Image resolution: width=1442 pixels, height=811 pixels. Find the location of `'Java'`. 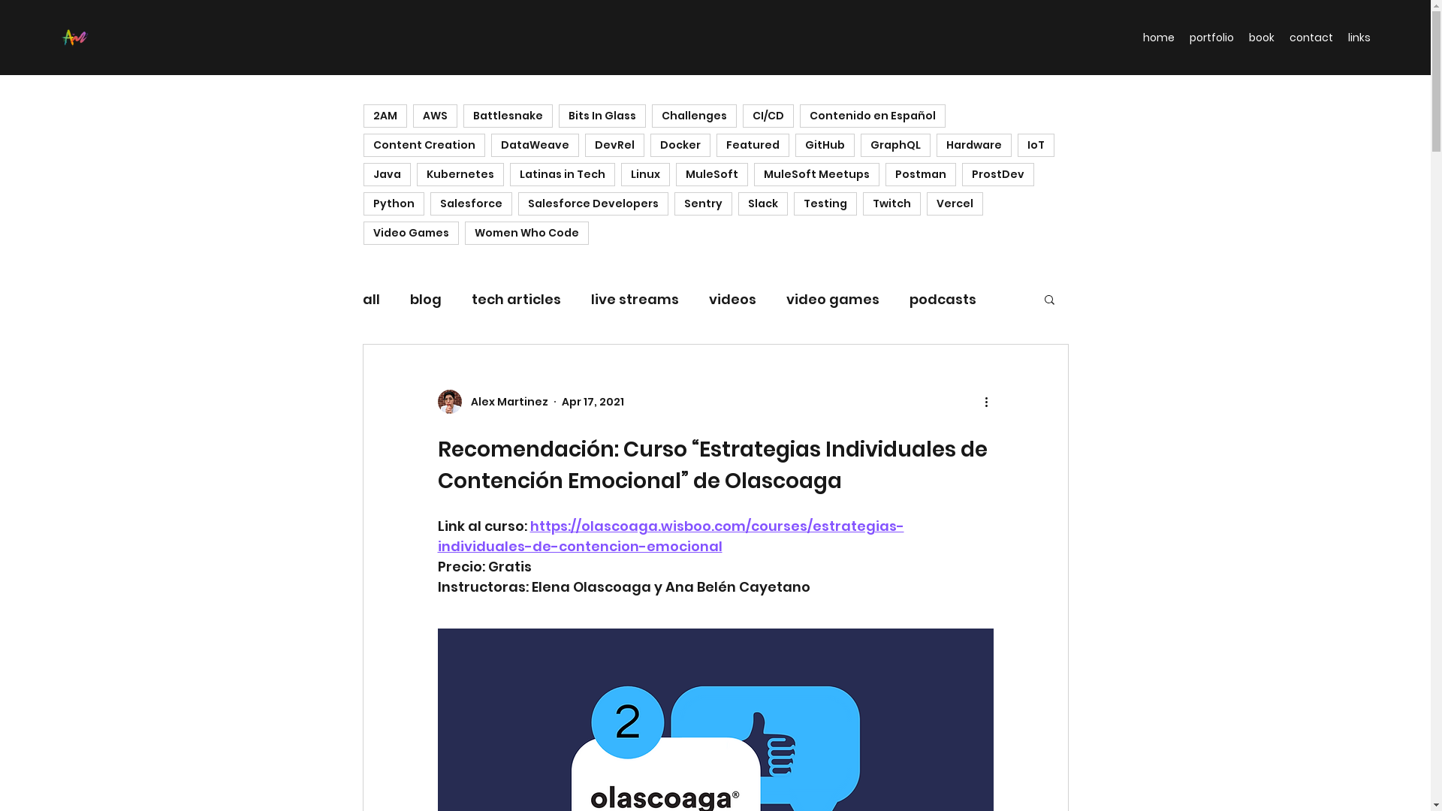

'Java' is located at coordinates (364, 173).